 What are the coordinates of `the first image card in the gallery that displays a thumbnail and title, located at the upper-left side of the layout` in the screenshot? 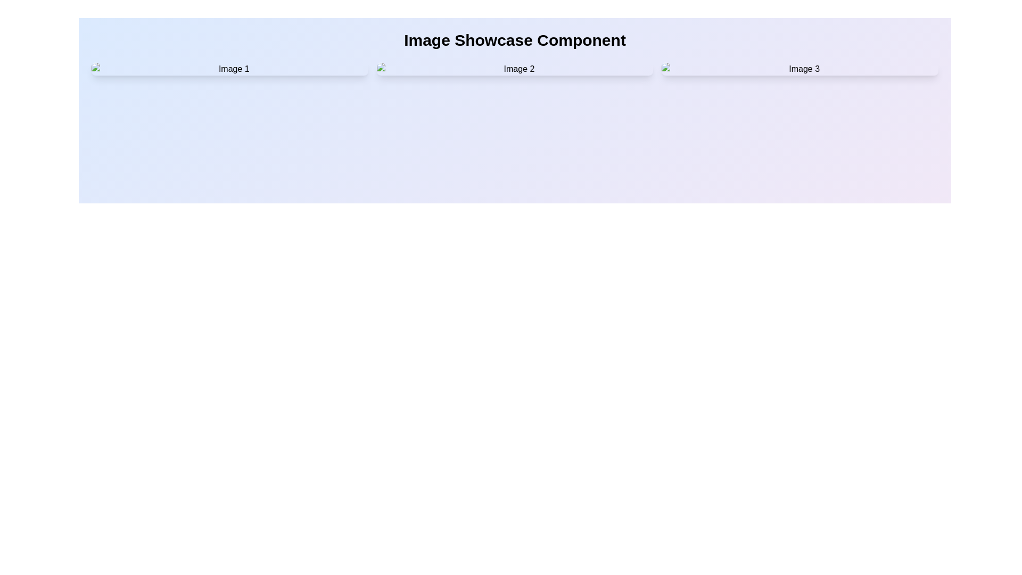 It's located at (229, 69).